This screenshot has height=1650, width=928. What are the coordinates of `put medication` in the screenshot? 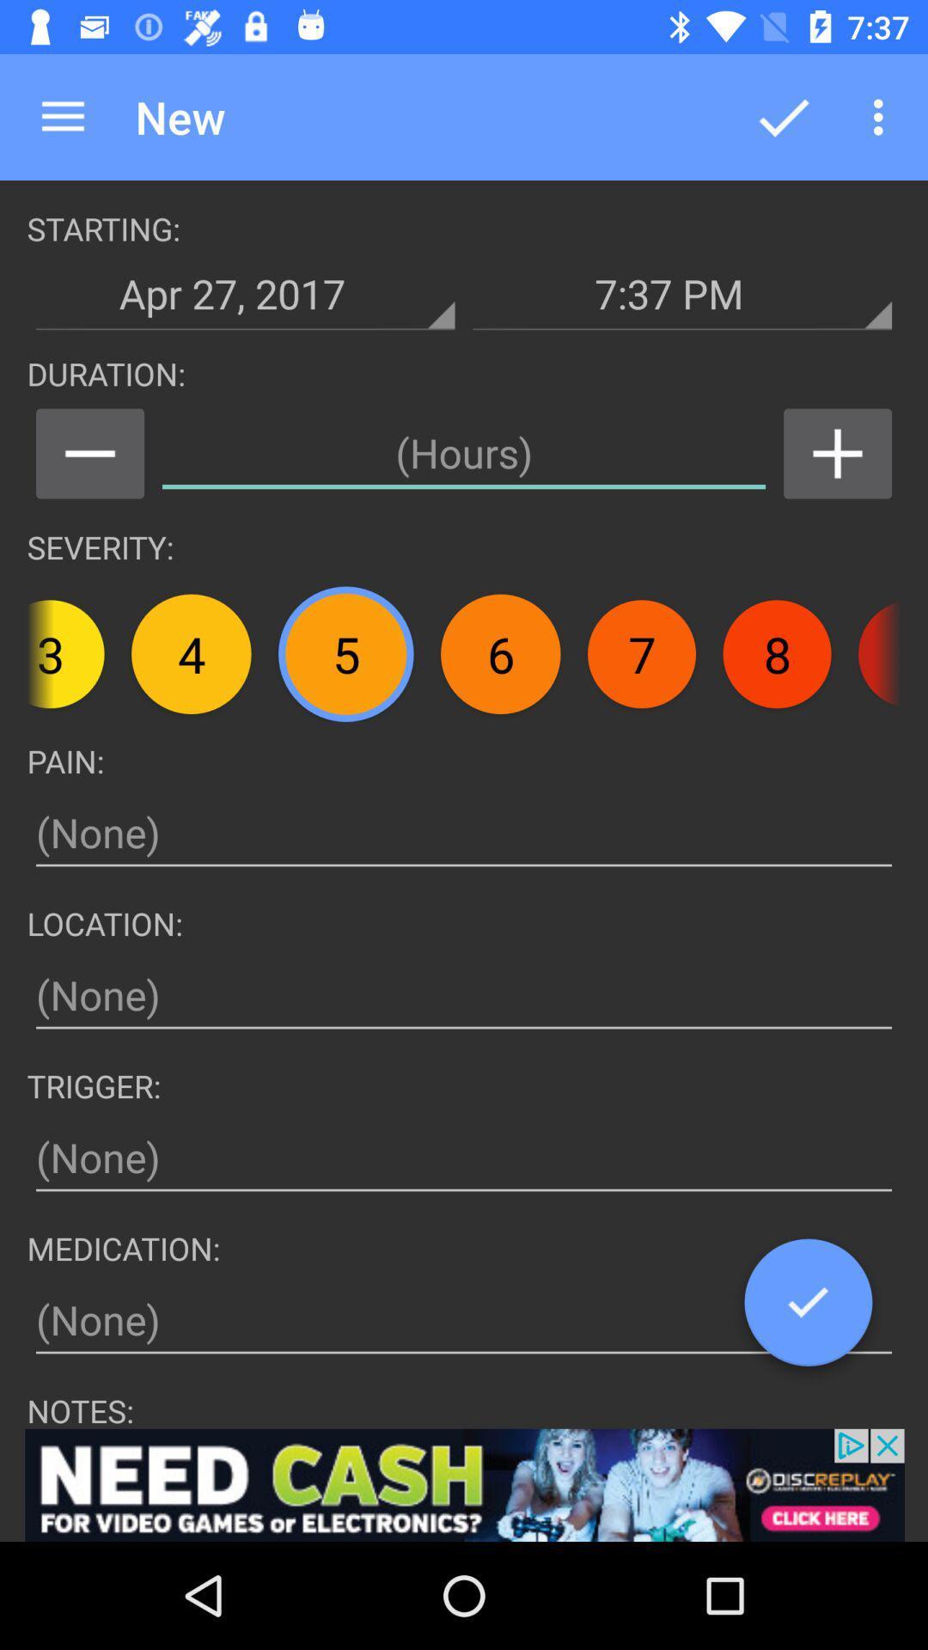 It's located at (464, 1319).